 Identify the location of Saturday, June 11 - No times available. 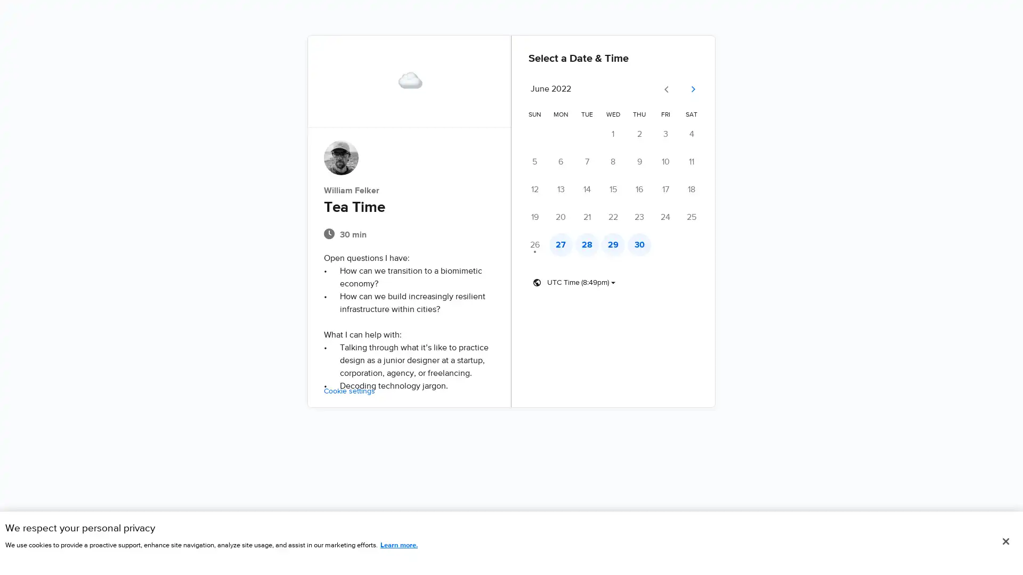
(700, 162).